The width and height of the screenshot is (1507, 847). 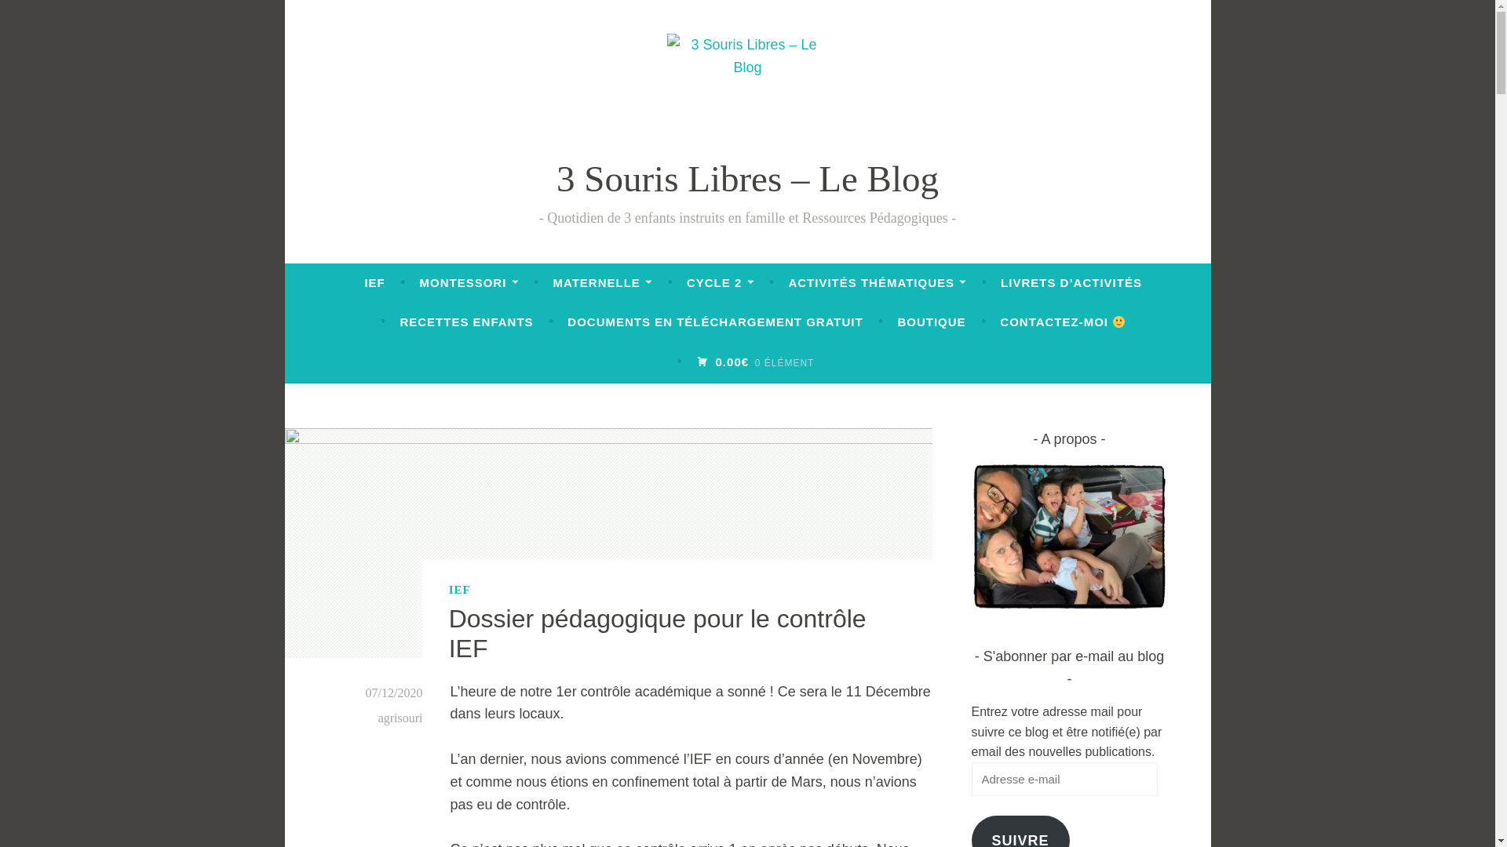 What do you see at coordinates (373, 283) in the screenshot?
I see `'IEF'` at bounding box center [373, 283].